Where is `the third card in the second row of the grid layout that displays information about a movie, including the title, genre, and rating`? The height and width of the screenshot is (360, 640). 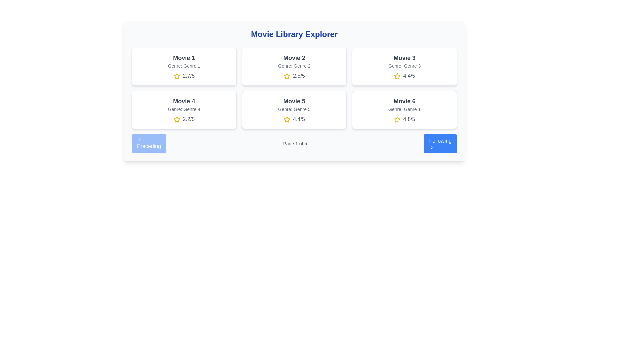
the third card in the second row of the grid layout that displays information about a movie, including the title, genre, and rating is located at coordinates (404, 110).